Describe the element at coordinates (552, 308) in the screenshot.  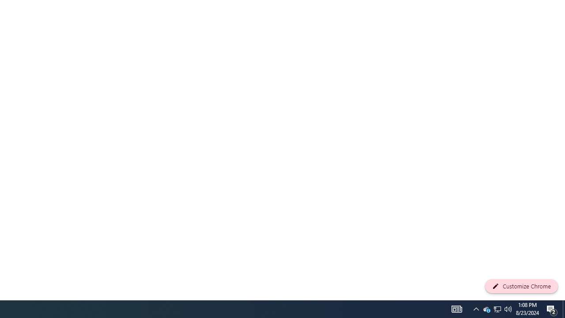
I see `'Action Center, 2 new notifications'` at that location.